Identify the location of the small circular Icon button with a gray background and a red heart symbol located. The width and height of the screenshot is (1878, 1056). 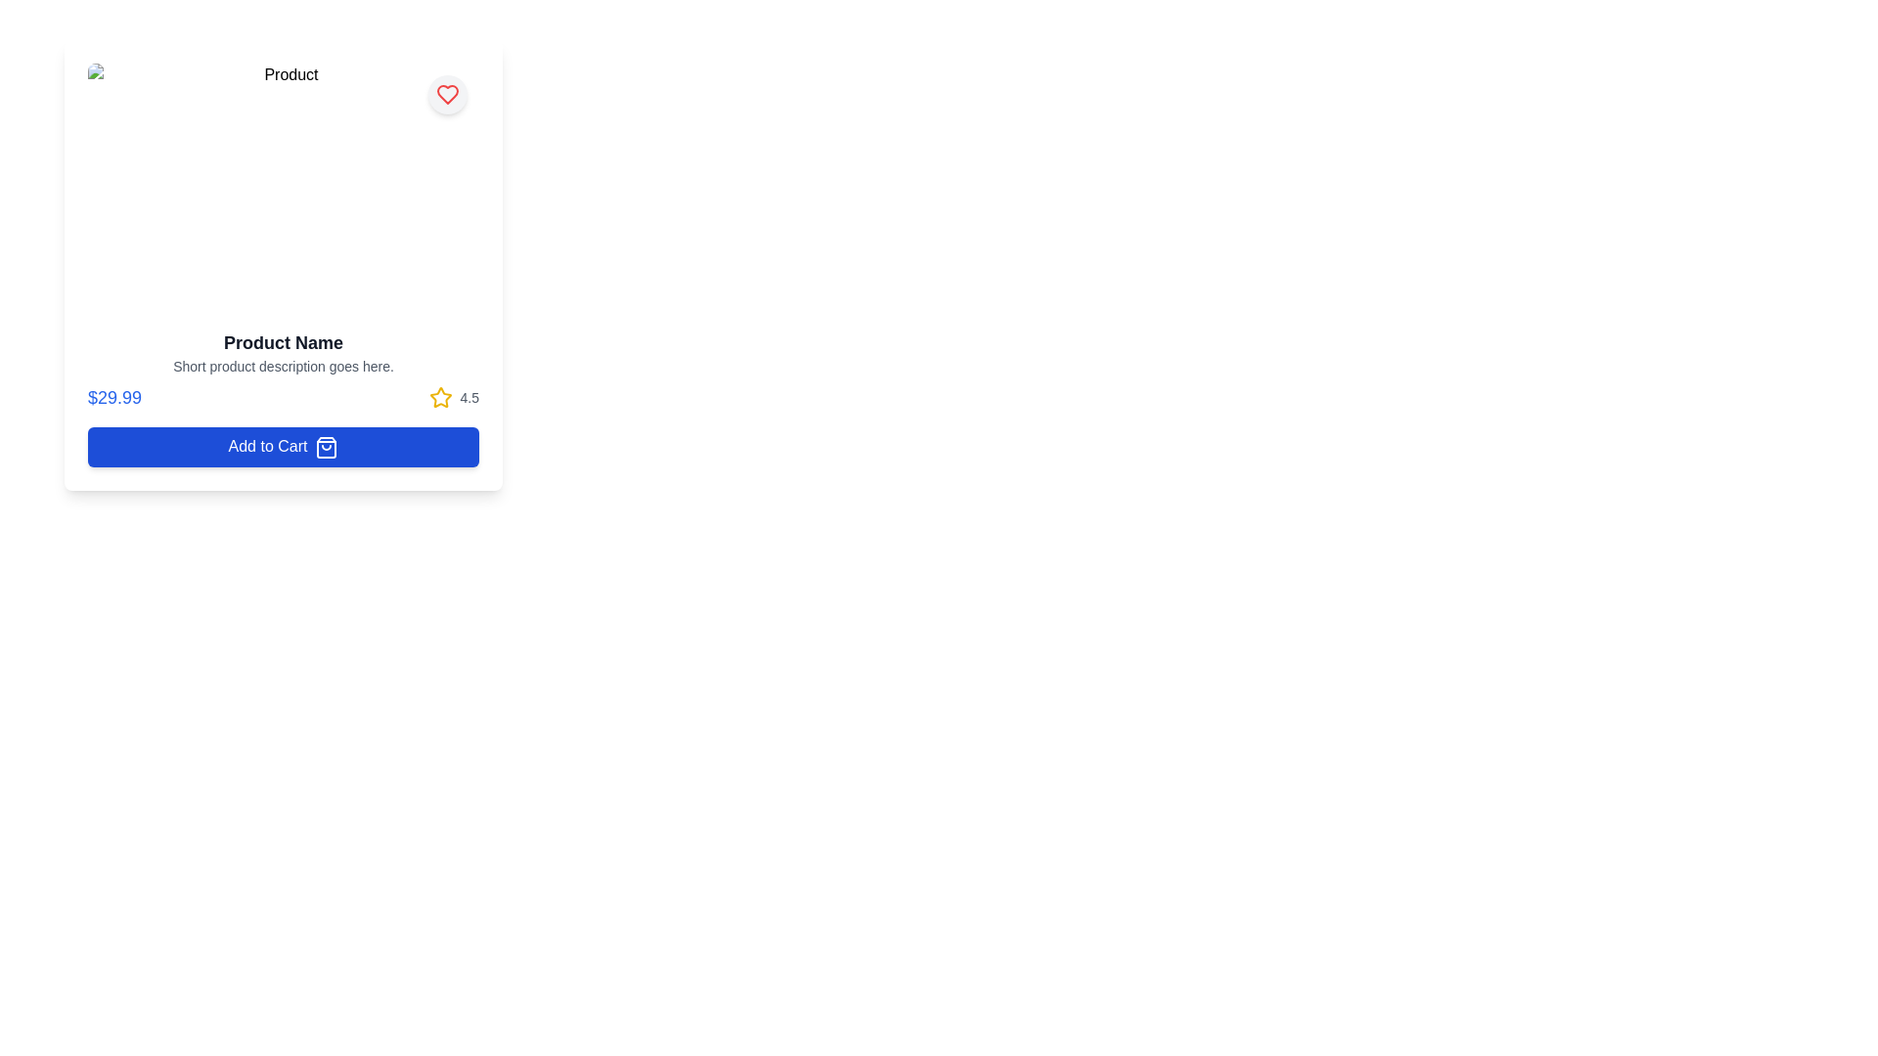
(446, 94).